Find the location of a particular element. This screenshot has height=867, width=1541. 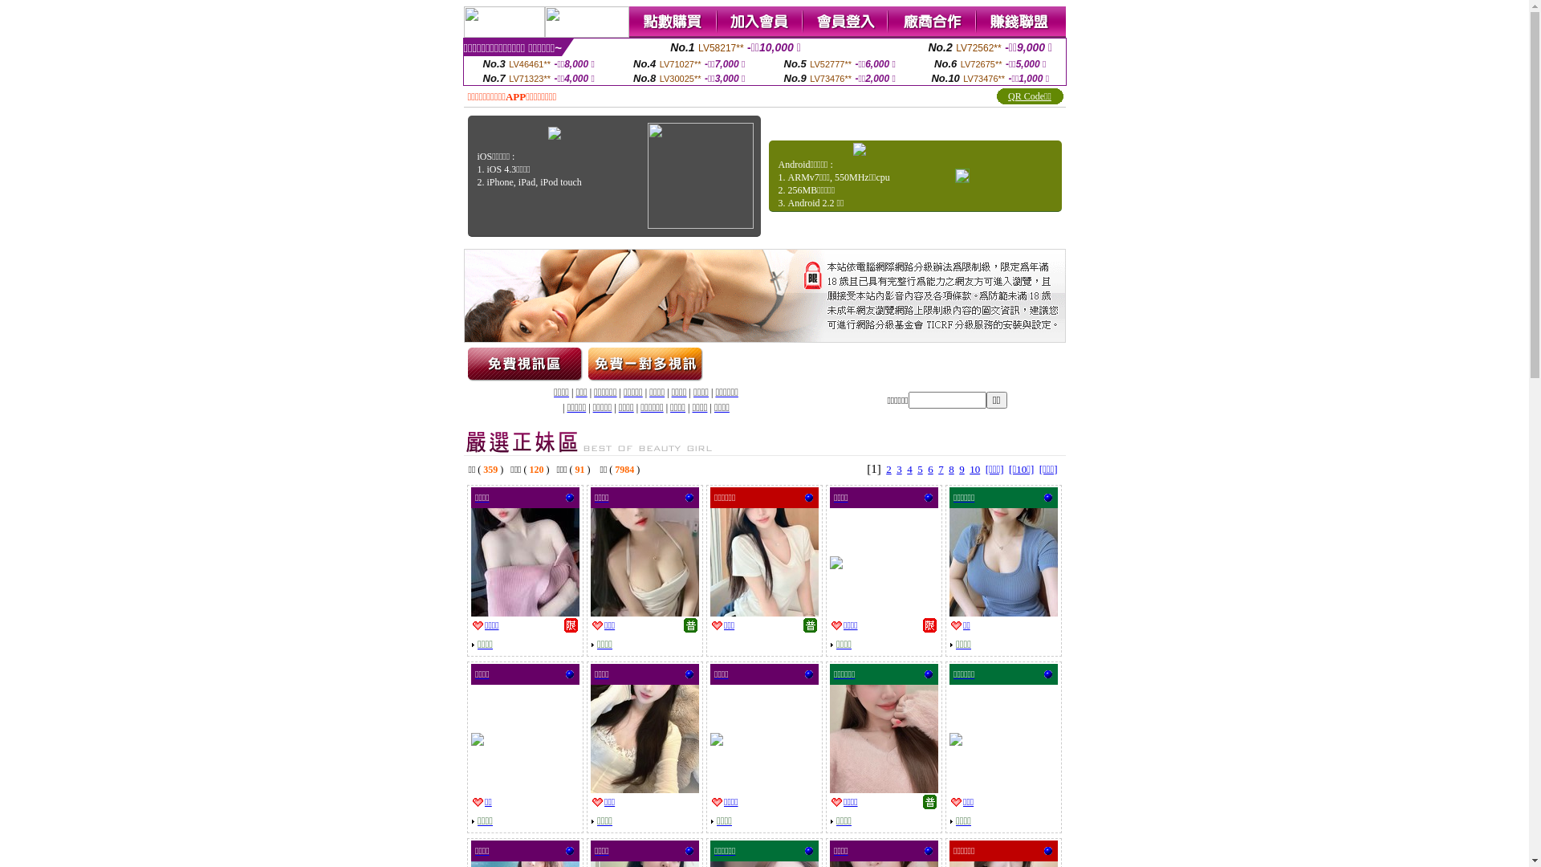

'4' is located at coordinates (909, 469).